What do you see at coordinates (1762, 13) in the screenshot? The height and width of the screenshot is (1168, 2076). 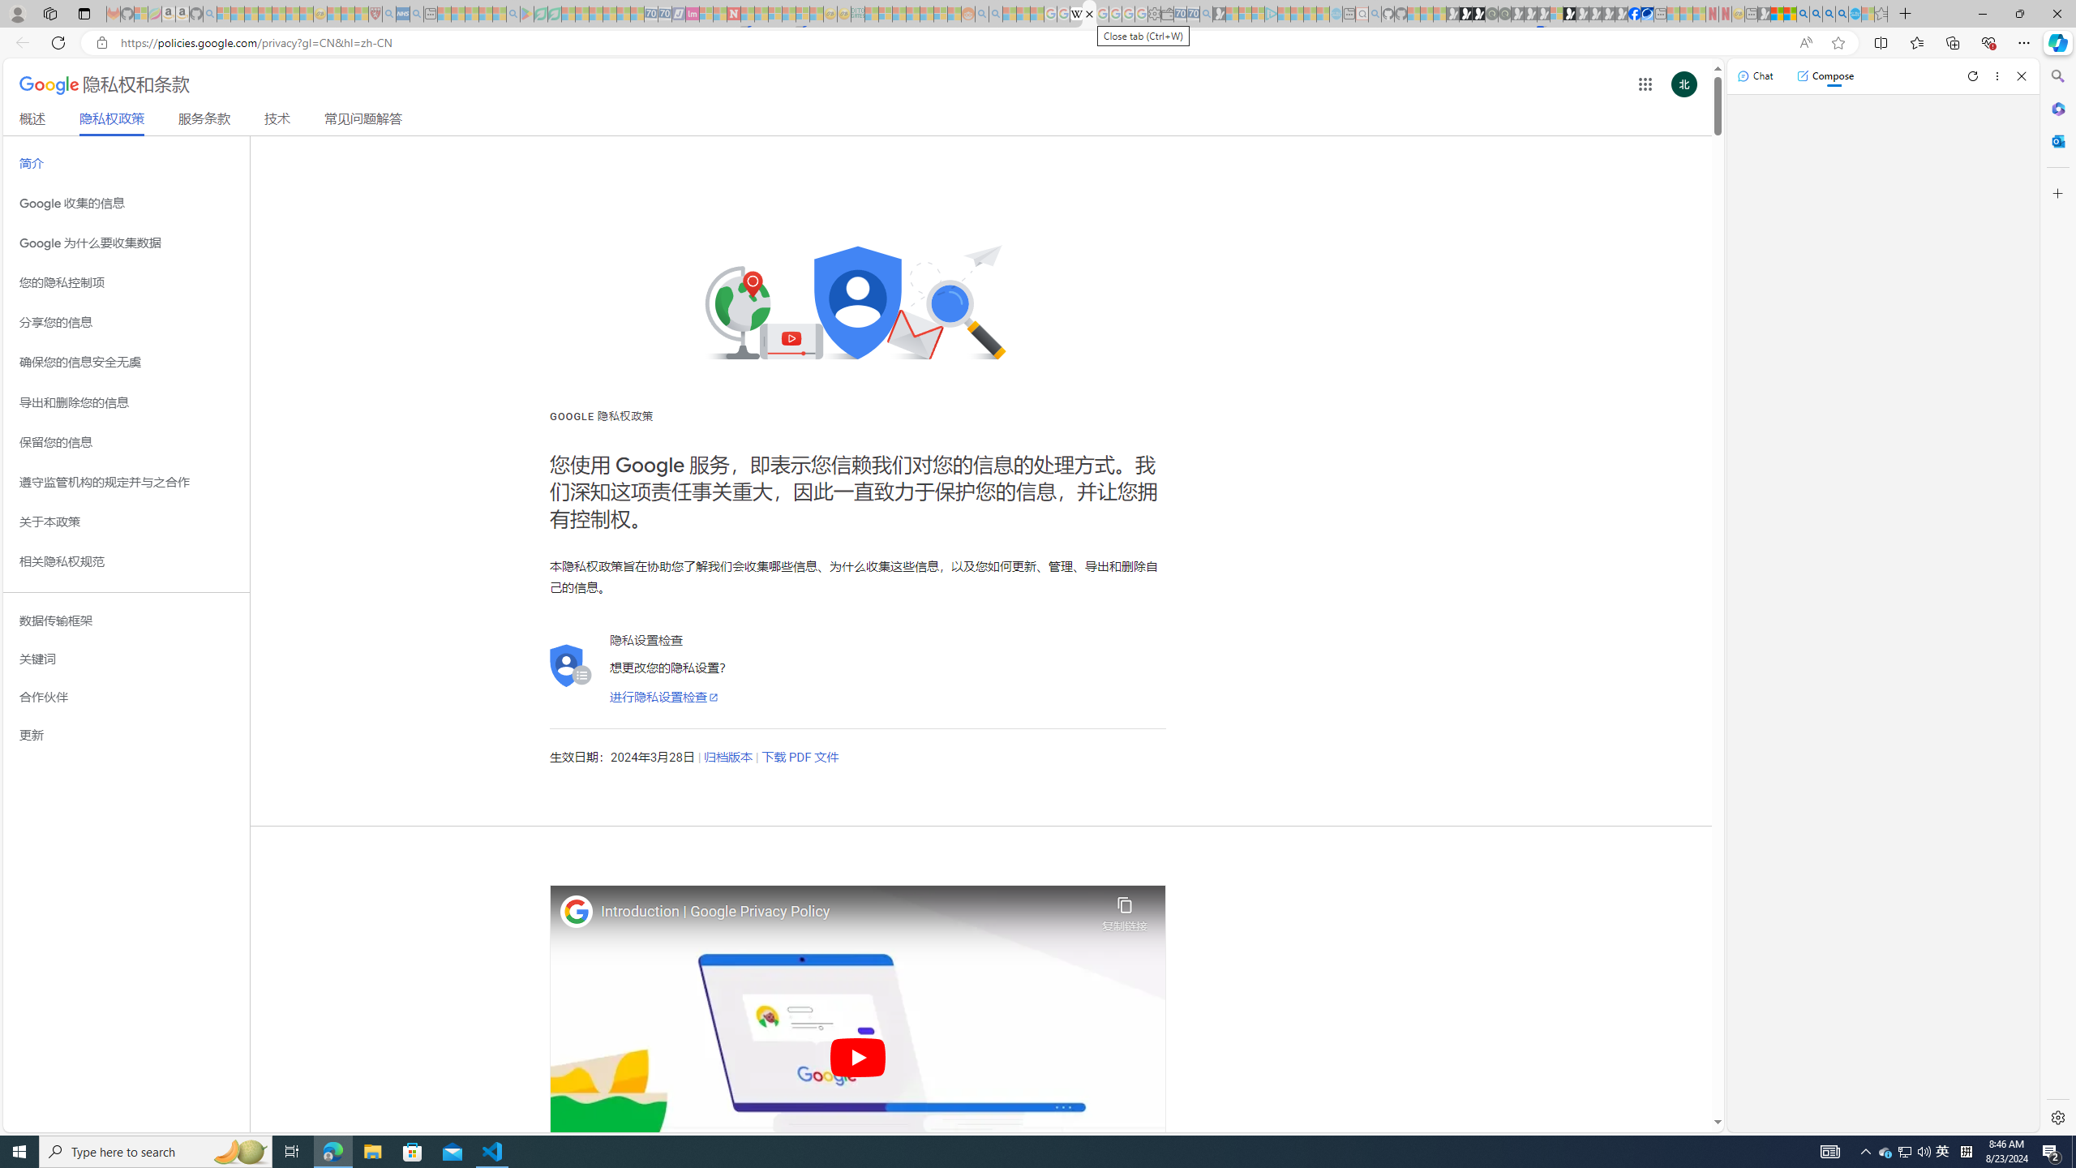 I see `'MSN - Sleeping'` at bounding box center [1762, 13].